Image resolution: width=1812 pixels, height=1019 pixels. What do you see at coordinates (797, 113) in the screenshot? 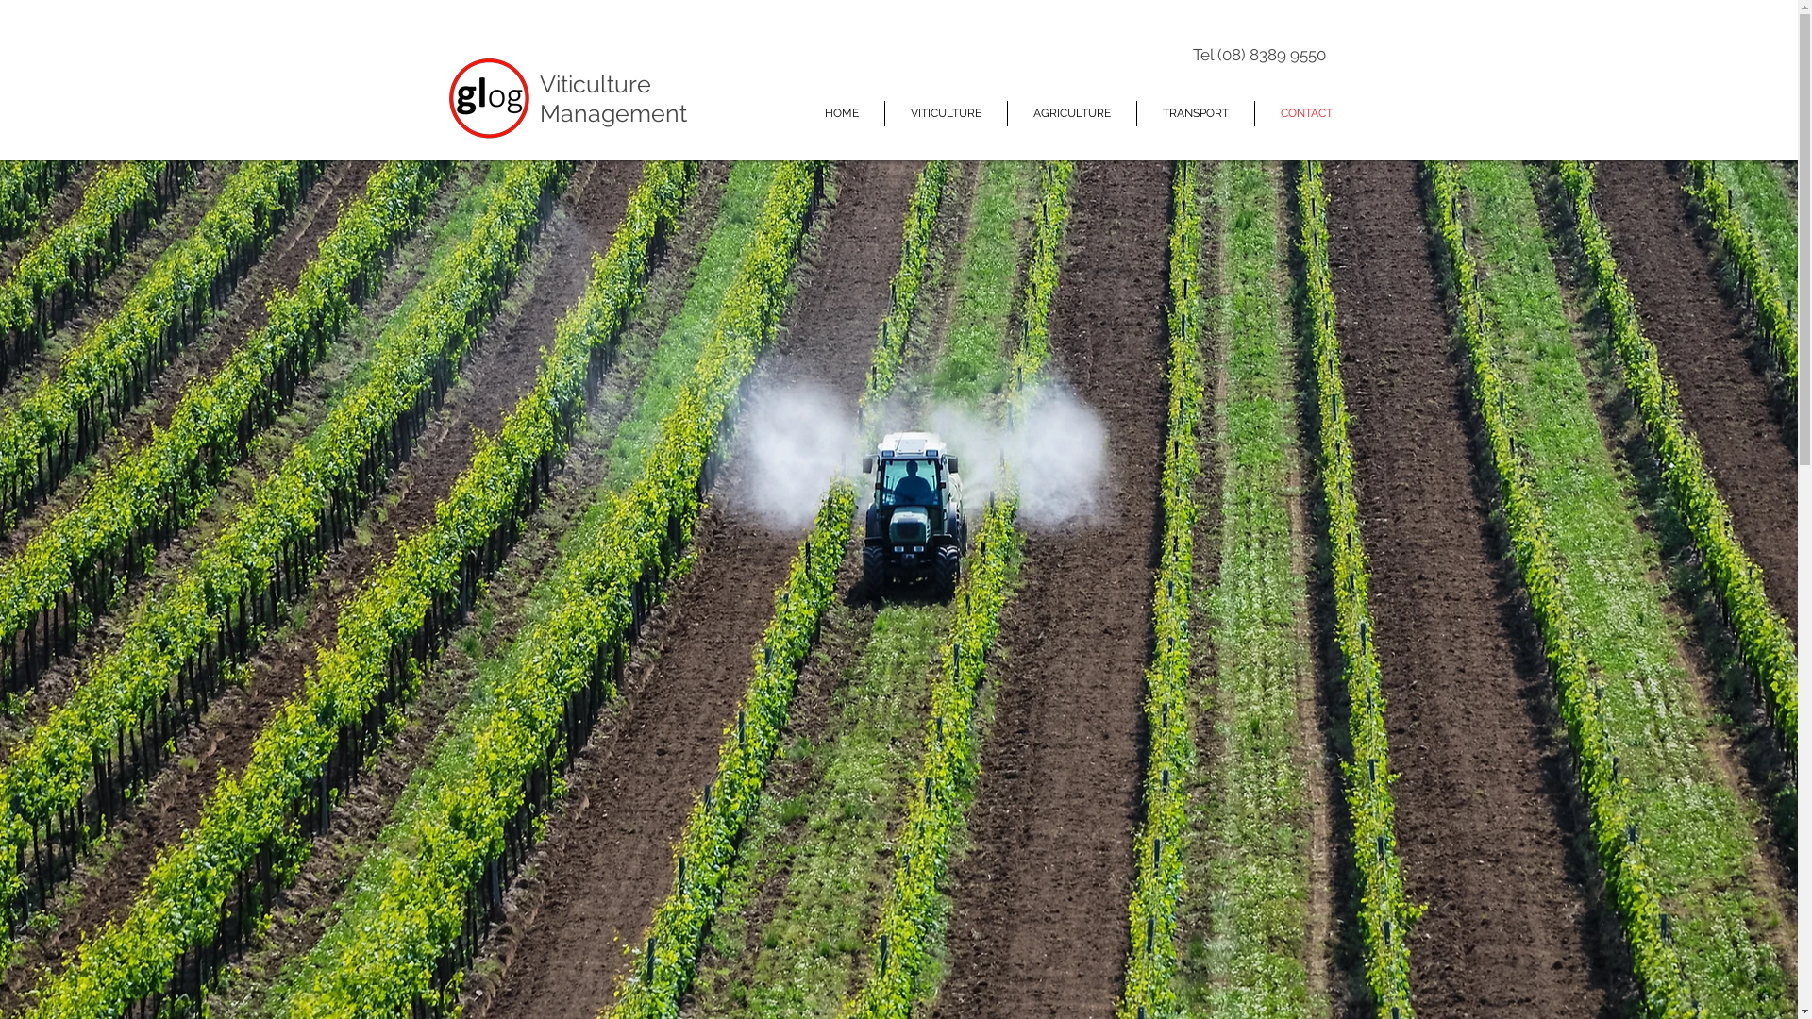
I see `'HOME'` at bounding box center [797, 113].